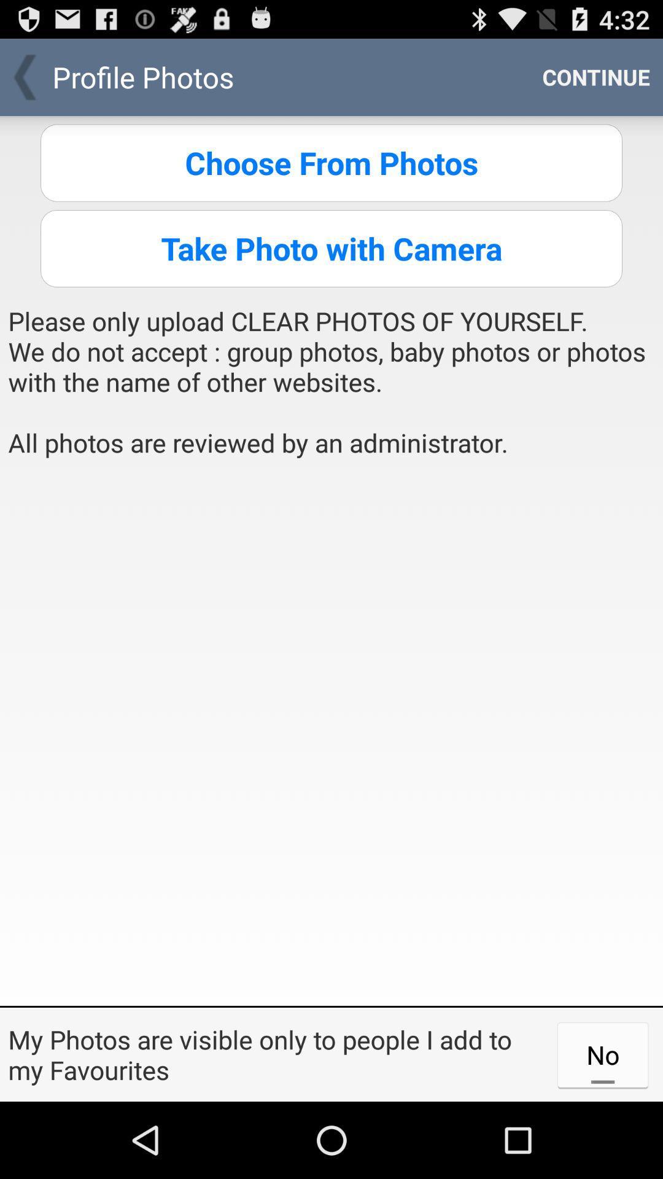  Describe the element at coordinates (595, 76) in the screenshot. I see `app to the right of profile photos` at that location.